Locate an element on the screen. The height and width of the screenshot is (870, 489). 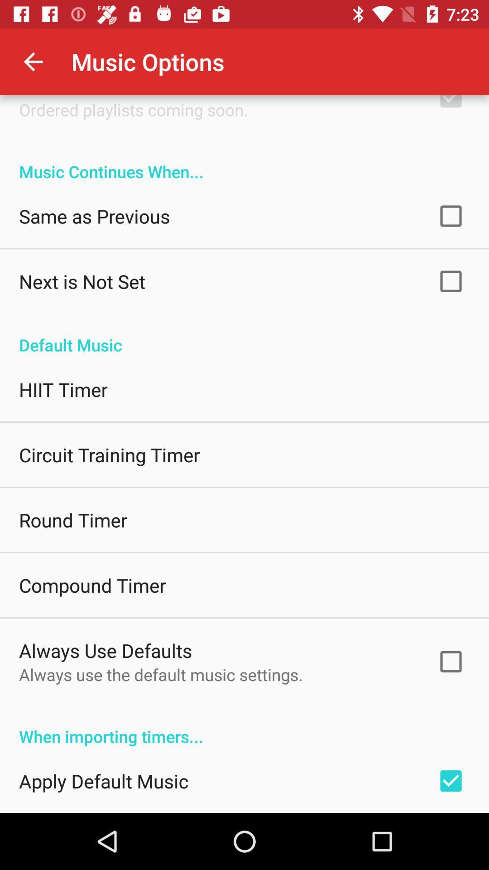
when importing timers... is located at coordinates (244, 727).